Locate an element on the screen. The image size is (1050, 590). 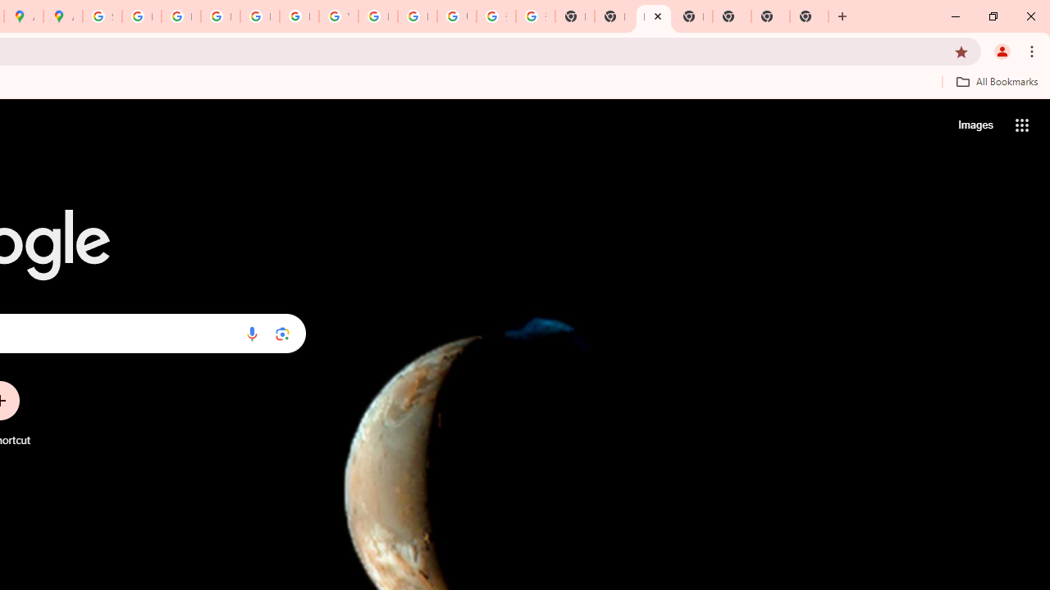
'All Bookmarks' is located at coordinates (996, 81).